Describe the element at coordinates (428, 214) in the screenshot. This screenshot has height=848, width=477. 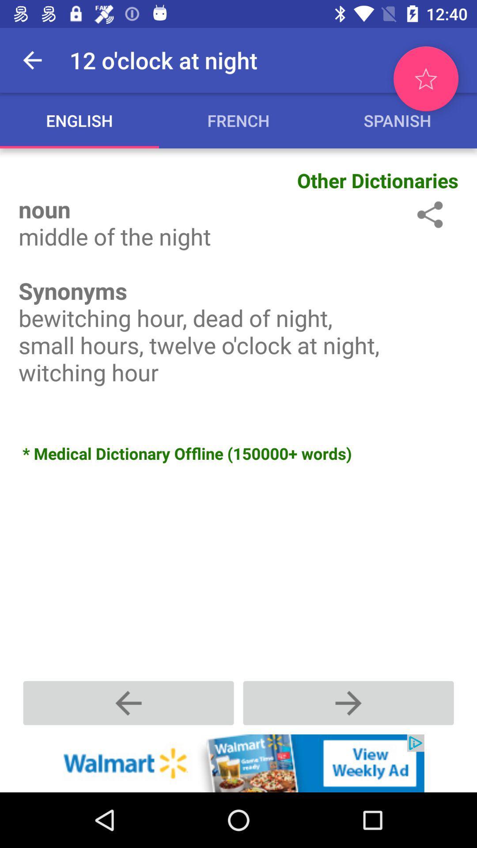
I see `share the page` at that location.